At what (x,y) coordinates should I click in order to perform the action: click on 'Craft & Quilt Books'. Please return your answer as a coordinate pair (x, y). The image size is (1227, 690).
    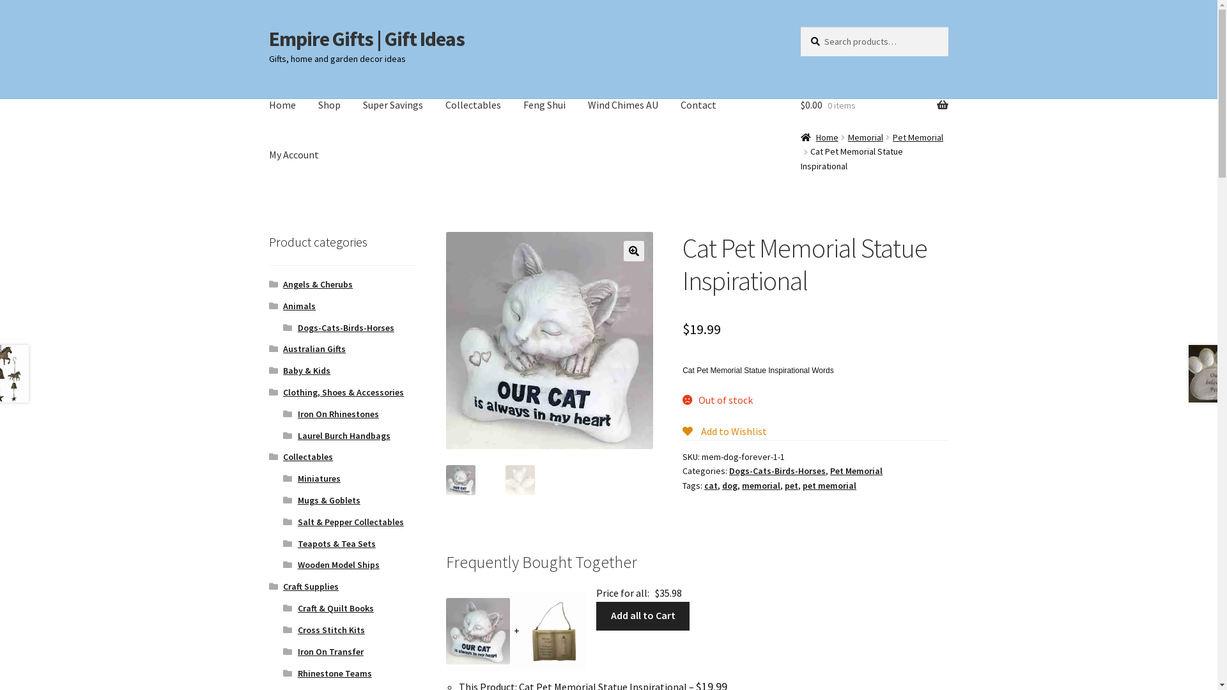
    Looking at the image, I should click on (336, 608).